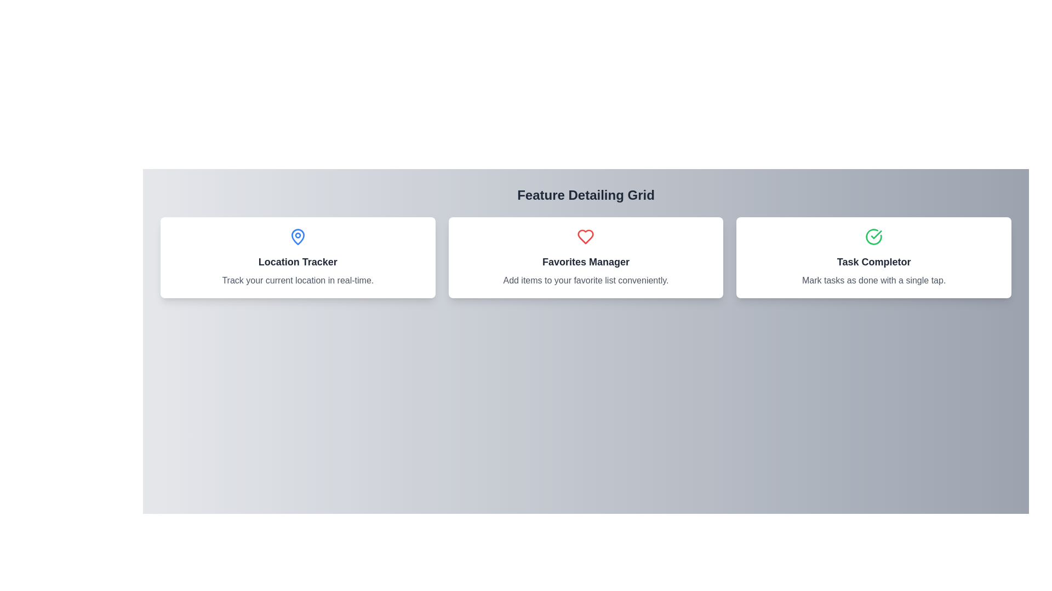  Describe the element at coordinates (873, 280) in the screenshot. I see `the descriptive text element that provides additional details about the functionality of the 'Task Completor' feature, located below the 'Task Completor' title` at that location.